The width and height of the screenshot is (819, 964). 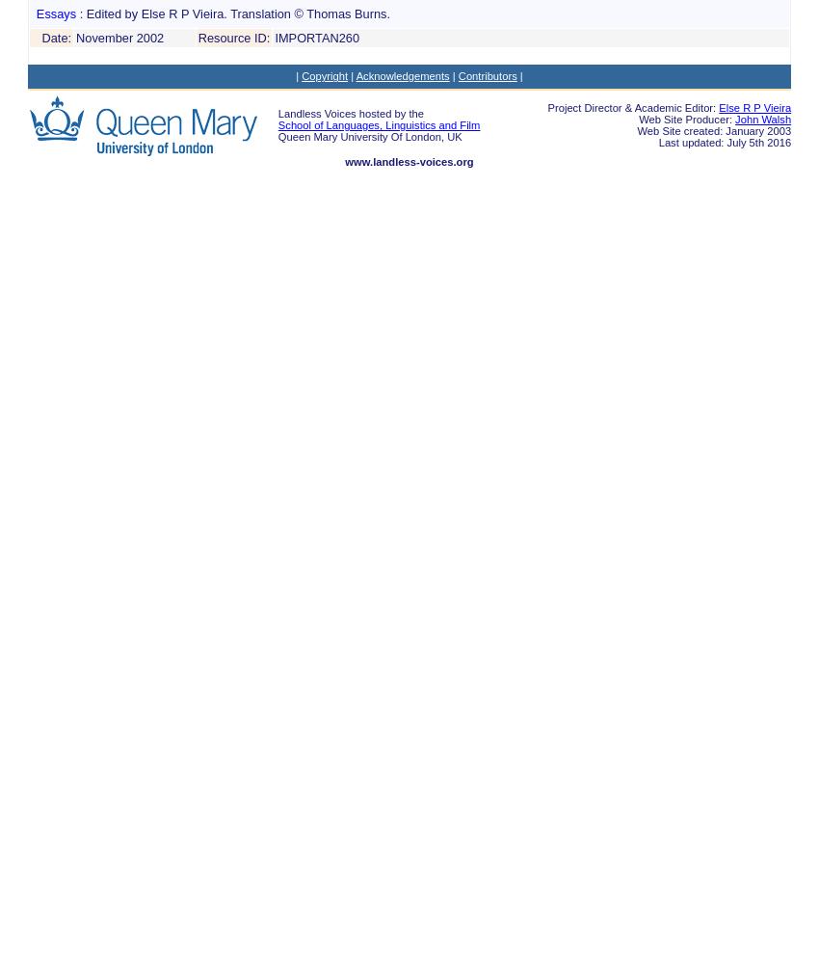 What do you see at coordinates (379, 125) in the screenshot?
I see `'School of Languages, Linguistics and Film'` at bounding box center [379, 125].